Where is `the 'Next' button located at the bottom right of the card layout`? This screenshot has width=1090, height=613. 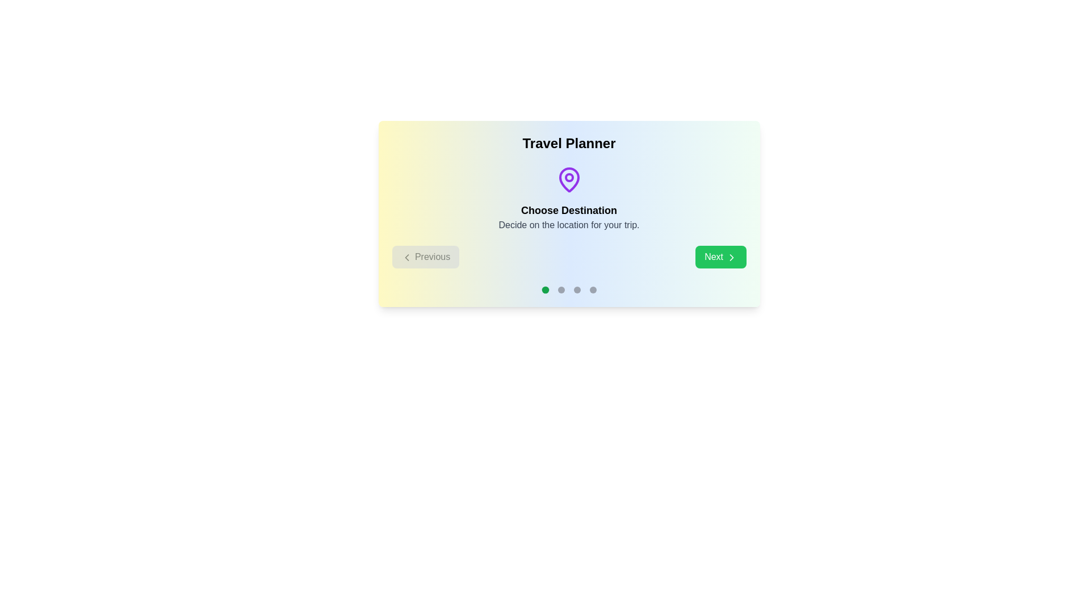
the 'Next' button located at the bottom right of the card layout is located at coordinates (720, 257).